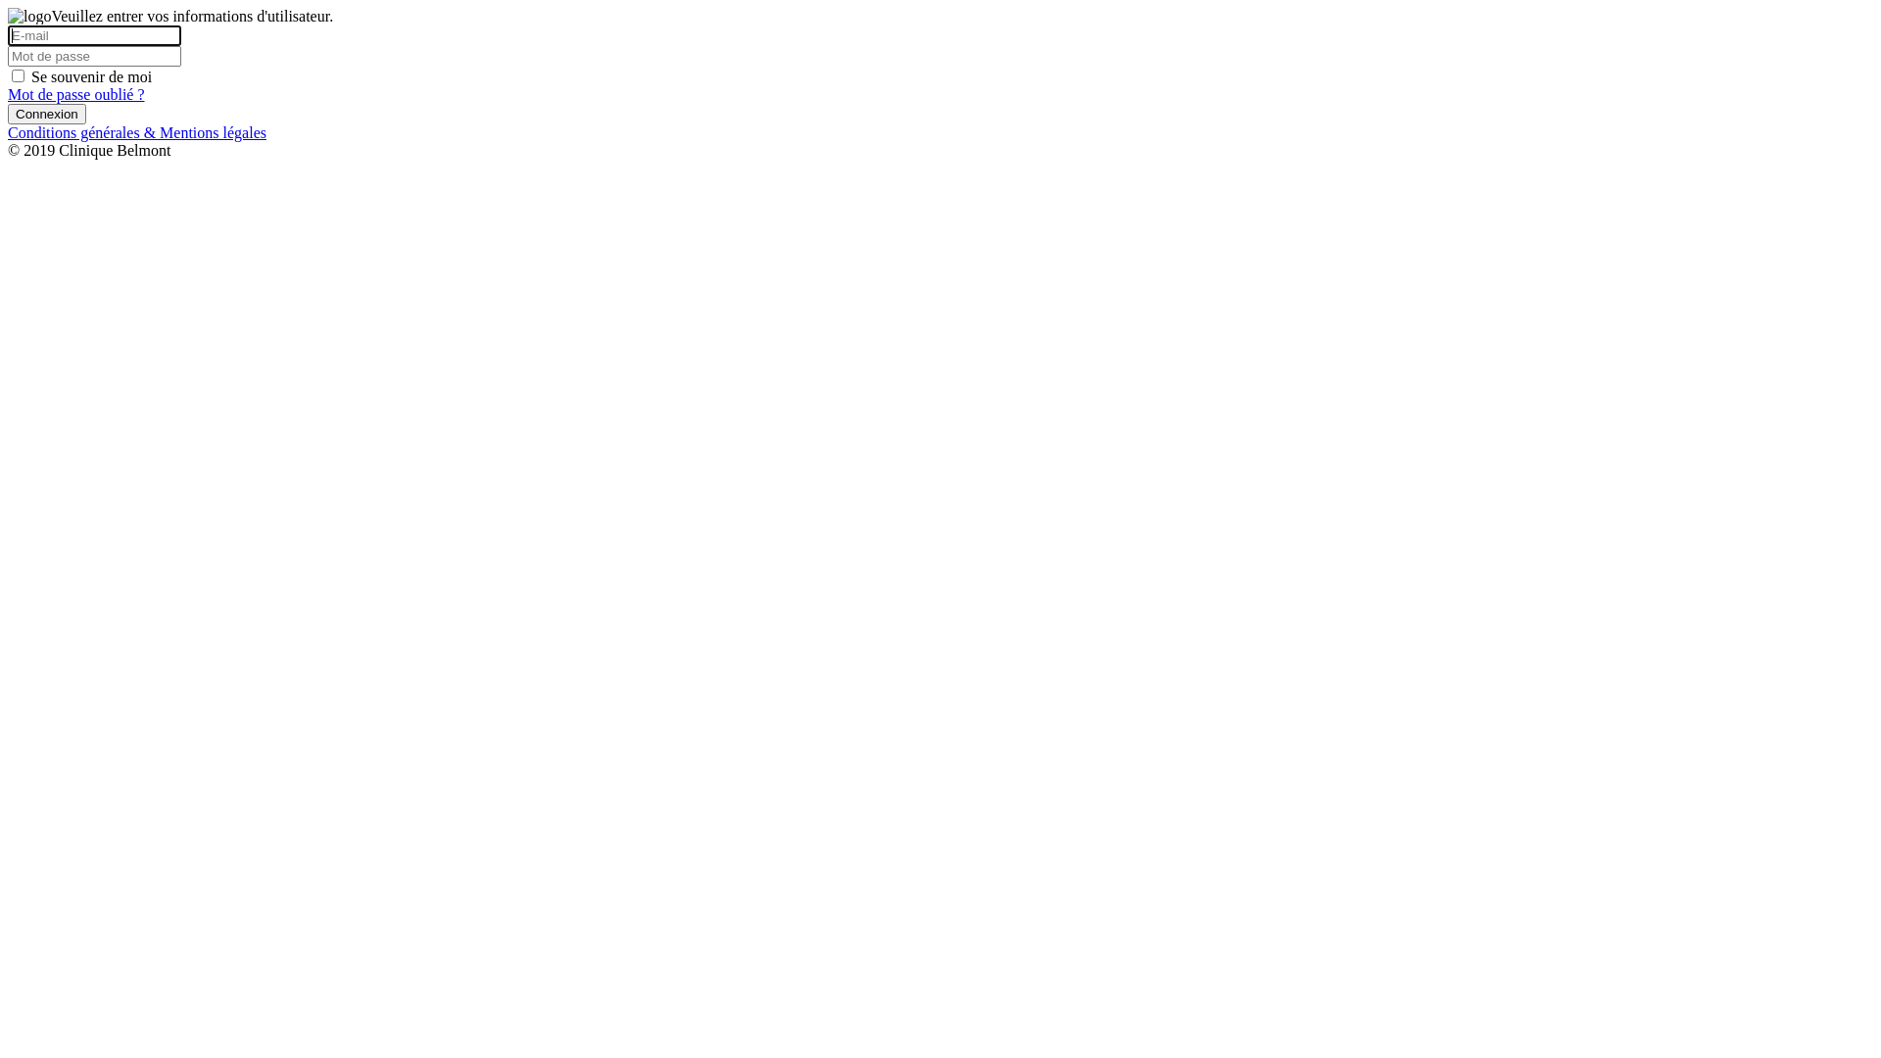  I want to click on 'Connexion', so click(47, 114).